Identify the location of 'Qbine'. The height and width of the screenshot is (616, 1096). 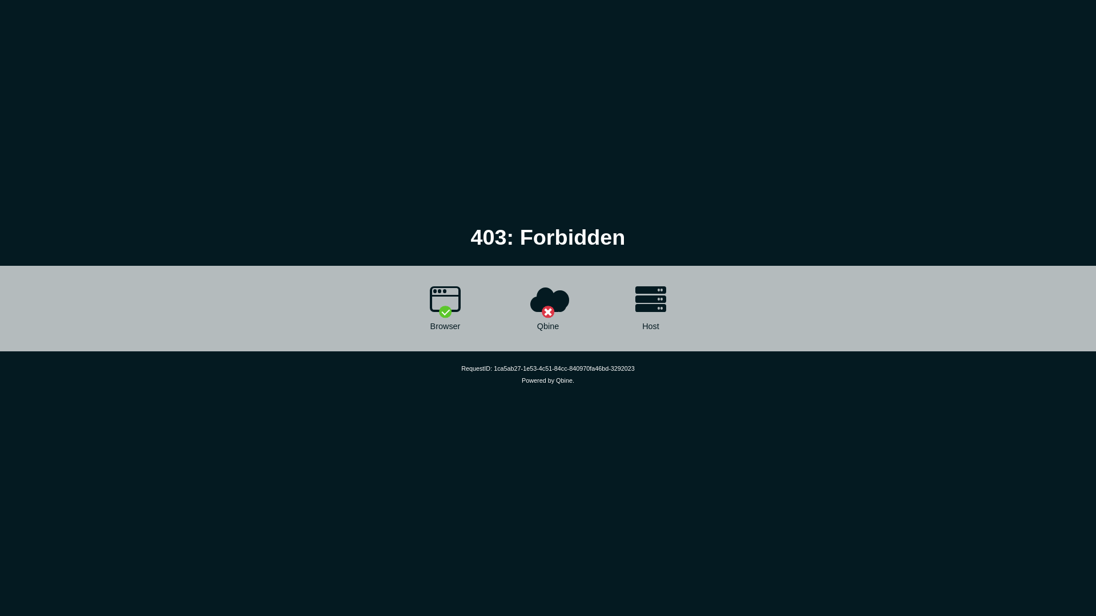
(564, 380).